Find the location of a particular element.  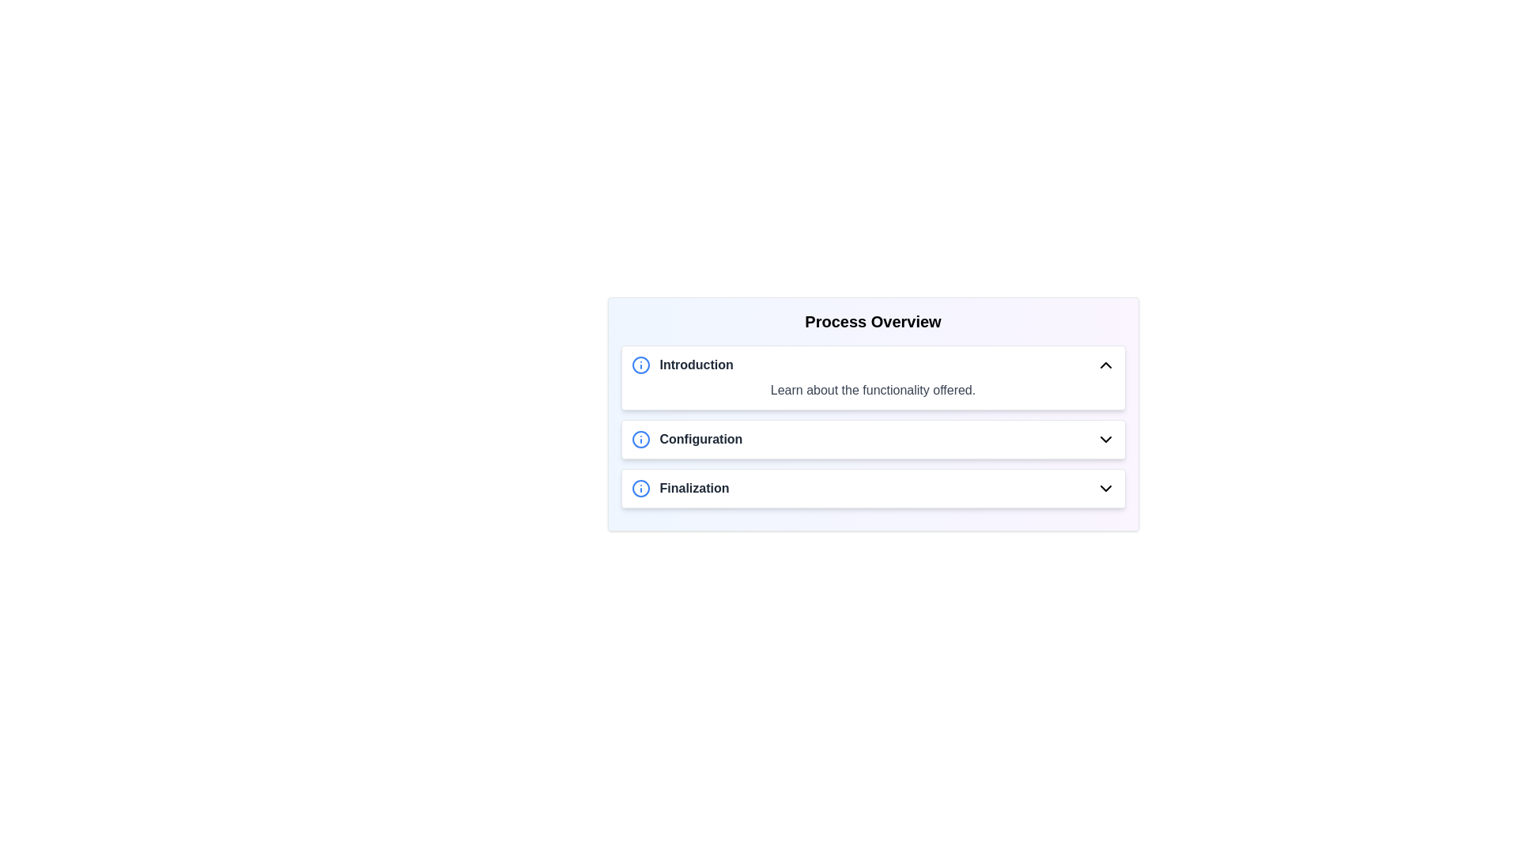

text of the 'Configuration' label, which is styled in bold dark gray and located between 'Introduction' and 'Finalization' in the vertical list is located at coordinates (686, 439).